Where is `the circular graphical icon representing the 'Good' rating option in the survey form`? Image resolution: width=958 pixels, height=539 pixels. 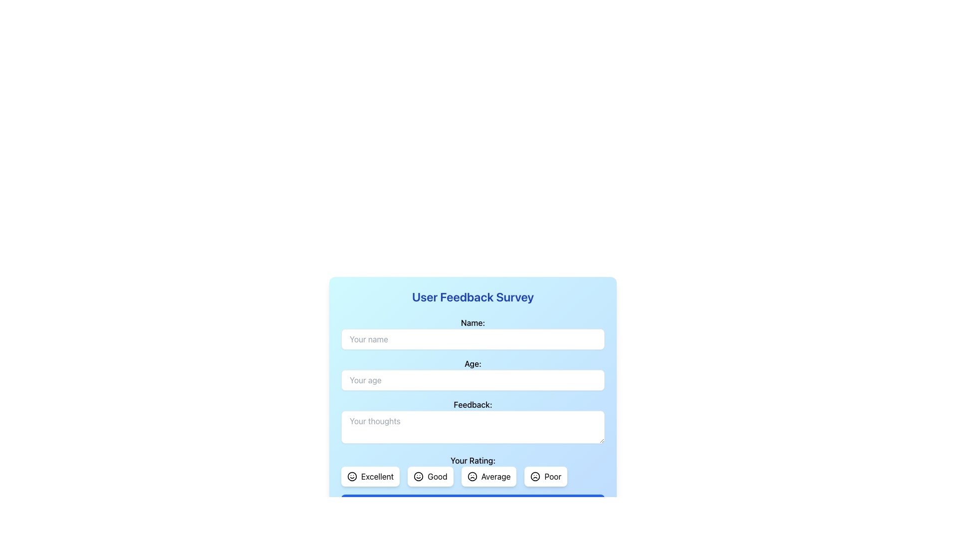 the circular graphical icon representing the 'Good' rating option in the survey form is located at coordinates (419, 476).